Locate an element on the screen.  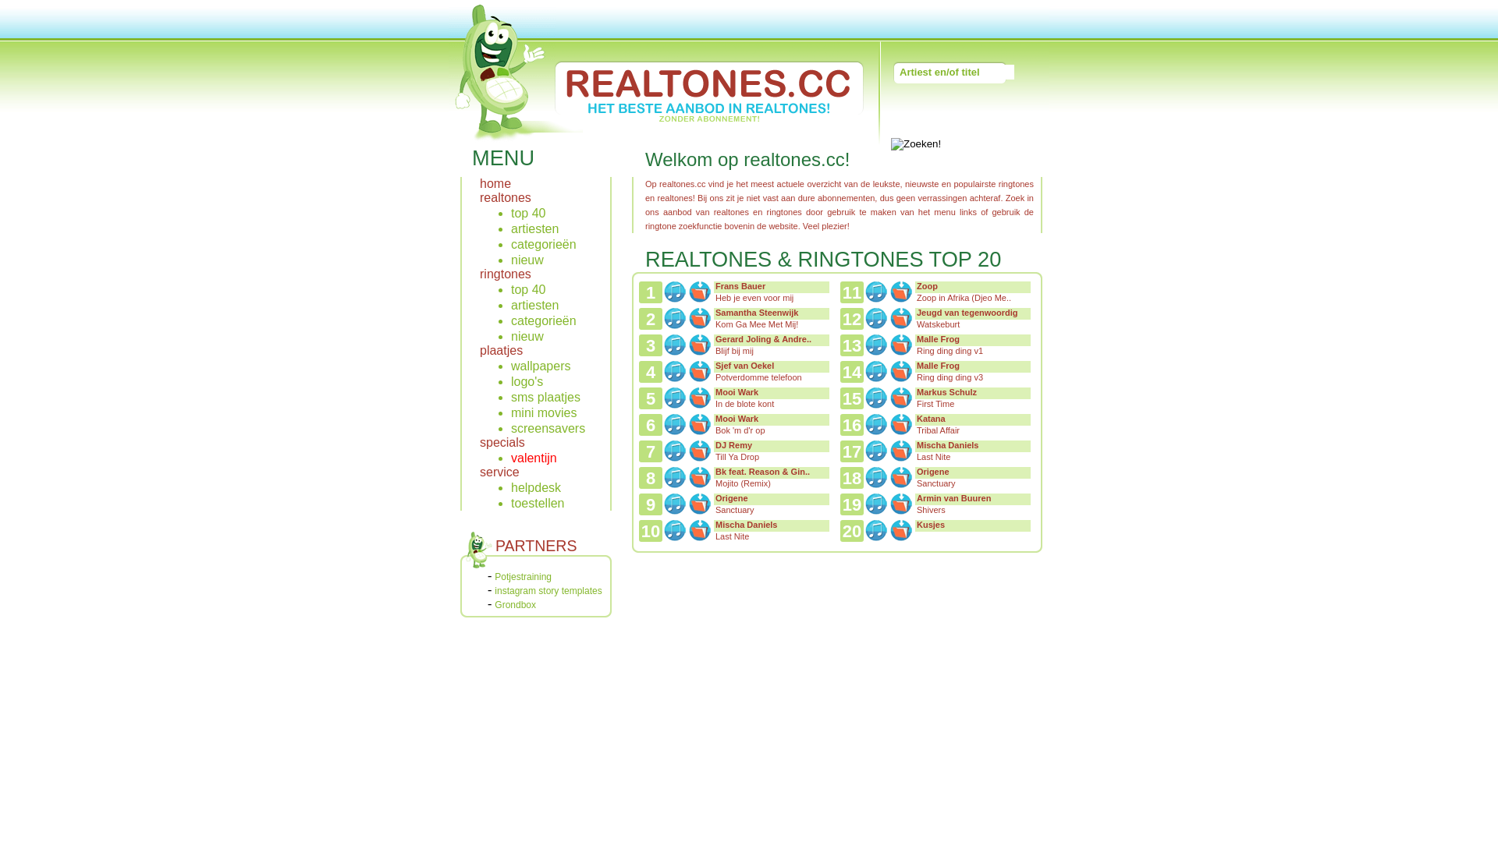
'Grondbox' is located at coordinates (515, 603).